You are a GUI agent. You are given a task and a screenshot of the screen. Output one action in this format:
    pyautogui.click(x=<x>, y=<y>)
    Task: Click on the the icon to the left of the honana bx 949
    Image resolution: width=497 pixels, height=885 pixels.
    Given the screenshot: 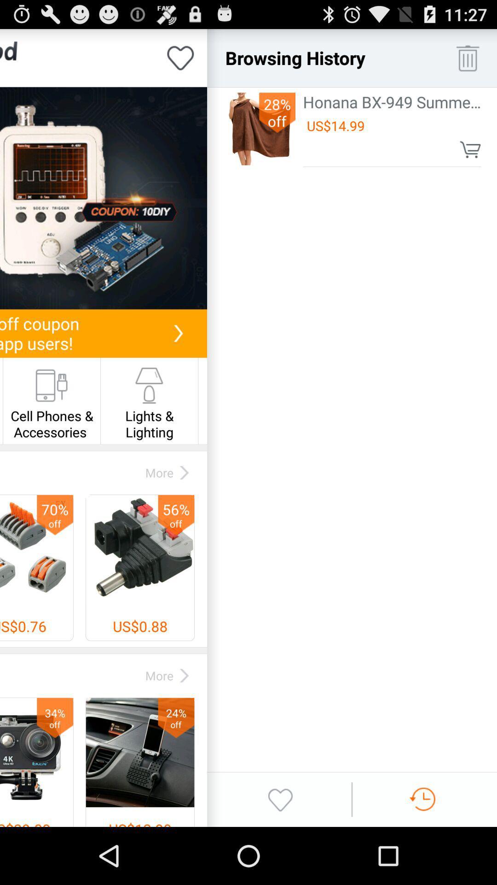 What is the action you would take?
    pyautogui.click(x=277, y=112)
    